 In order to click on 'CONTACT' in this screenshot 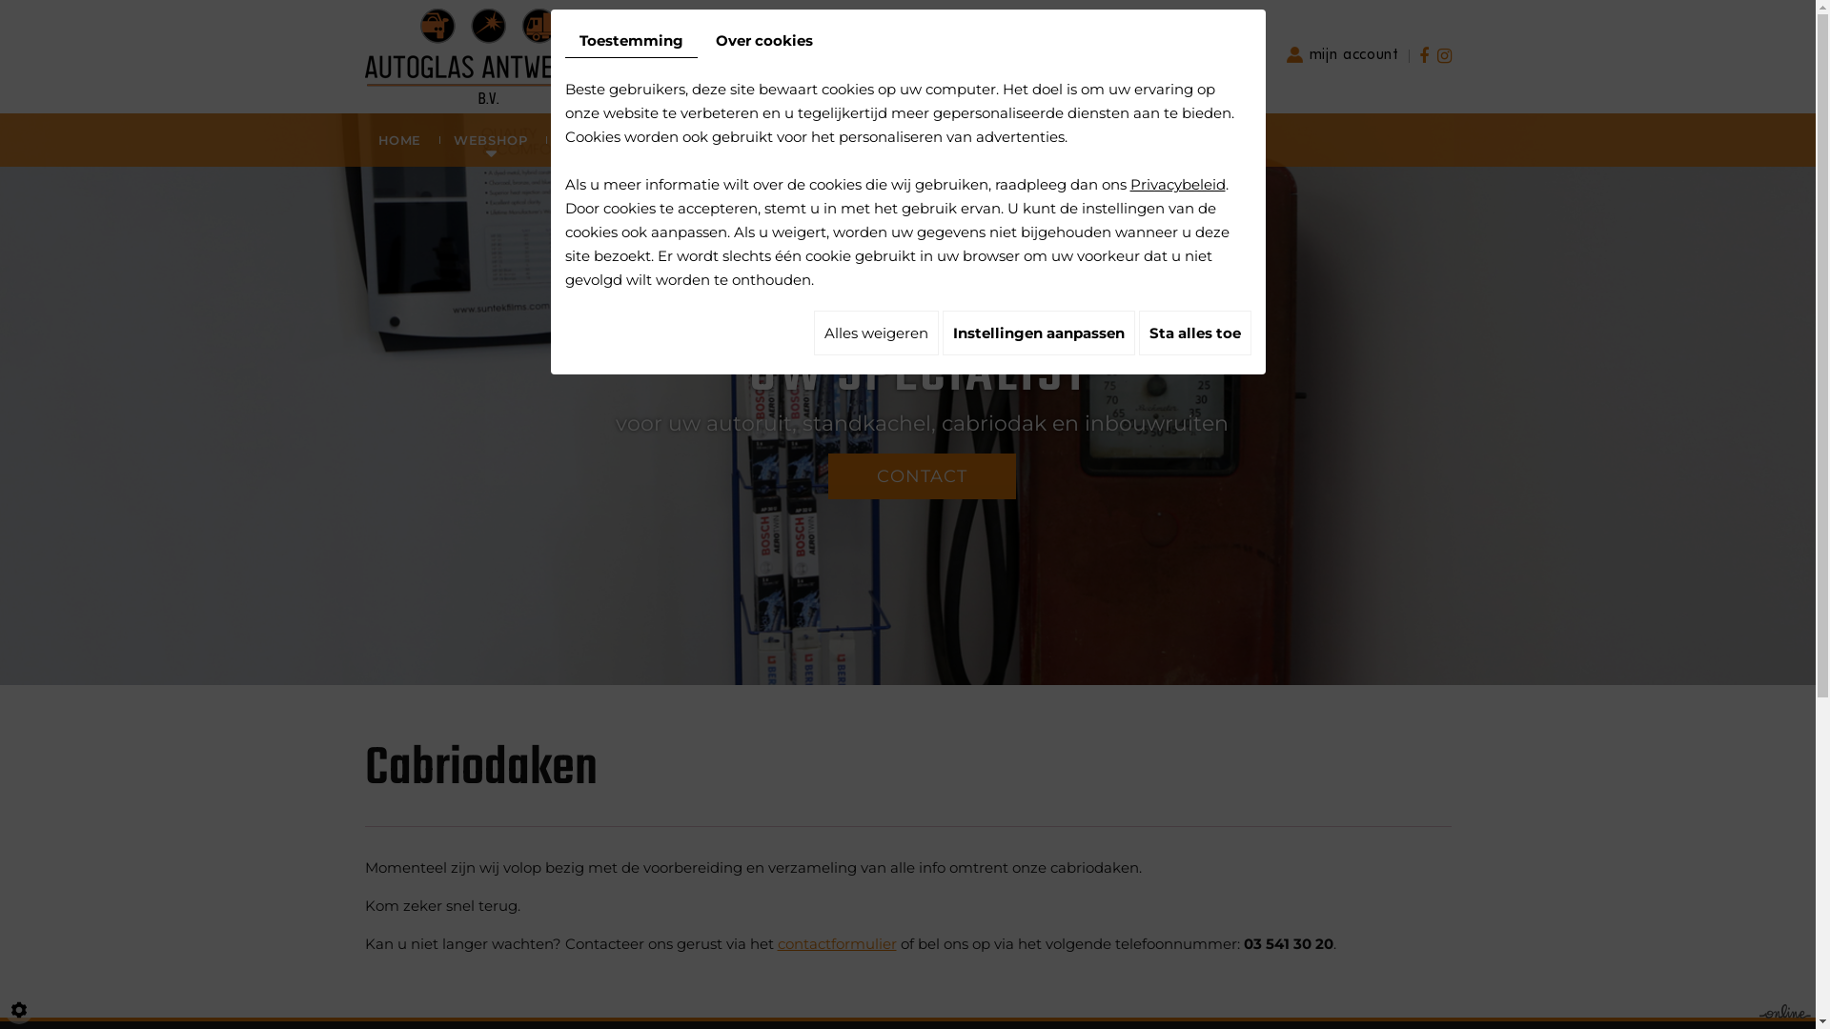, I will do `click(827, 475)`.